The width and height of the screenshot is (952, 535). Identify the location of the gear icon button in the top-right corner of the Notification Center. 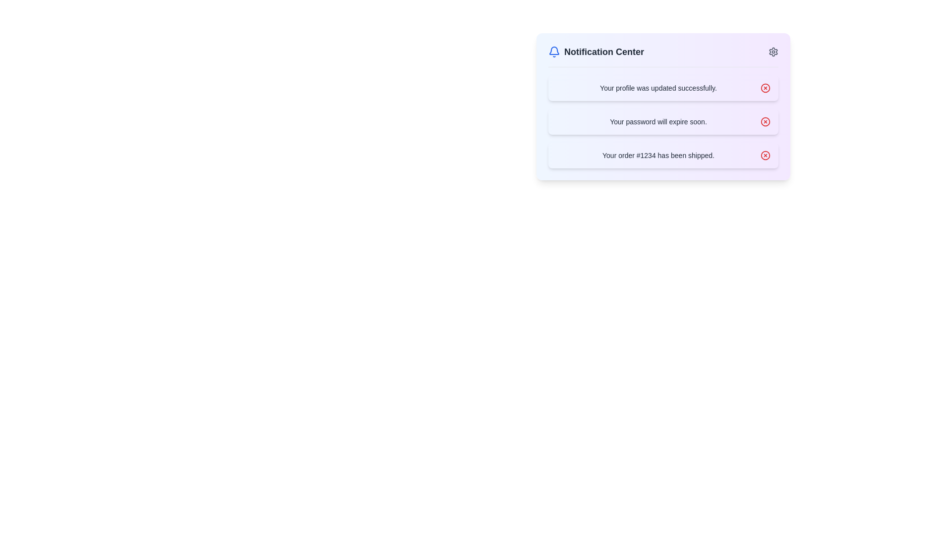
(773, 52).